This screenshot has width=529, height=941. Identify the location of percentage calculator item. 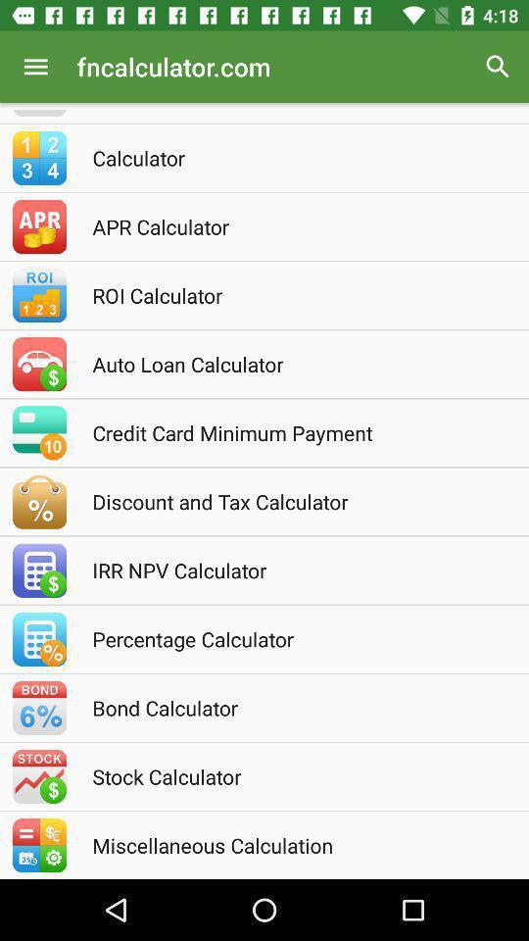
(290, 638).